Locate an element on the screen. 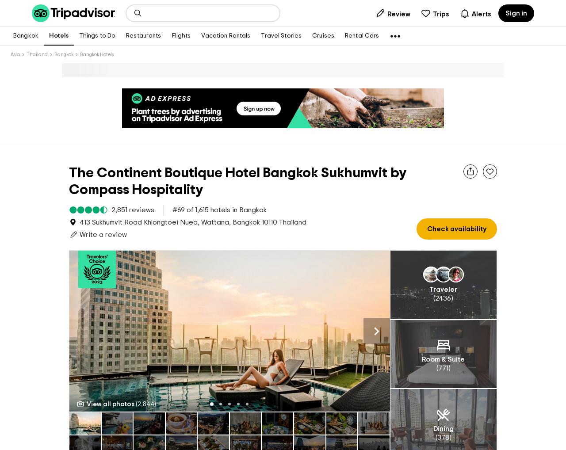  'Rental Cars' is located at coordinates (344, 36).